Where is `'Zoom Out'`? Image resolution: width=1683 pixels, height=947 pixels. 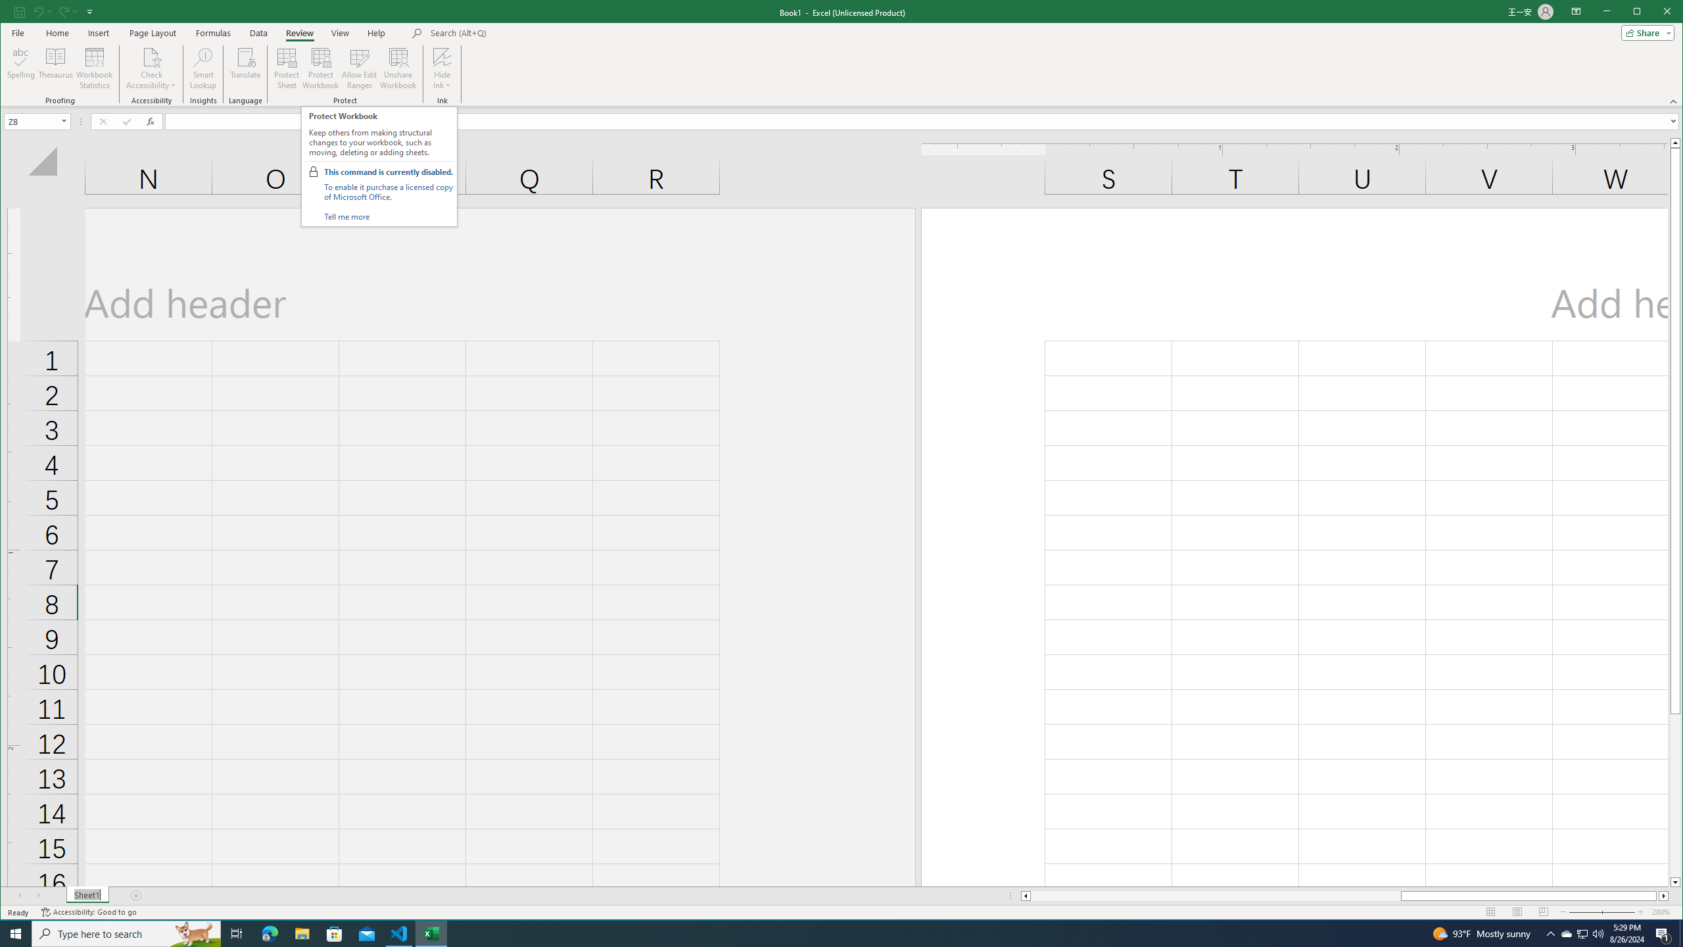
'Zoom Out' is located at coordinates (1594, 911).